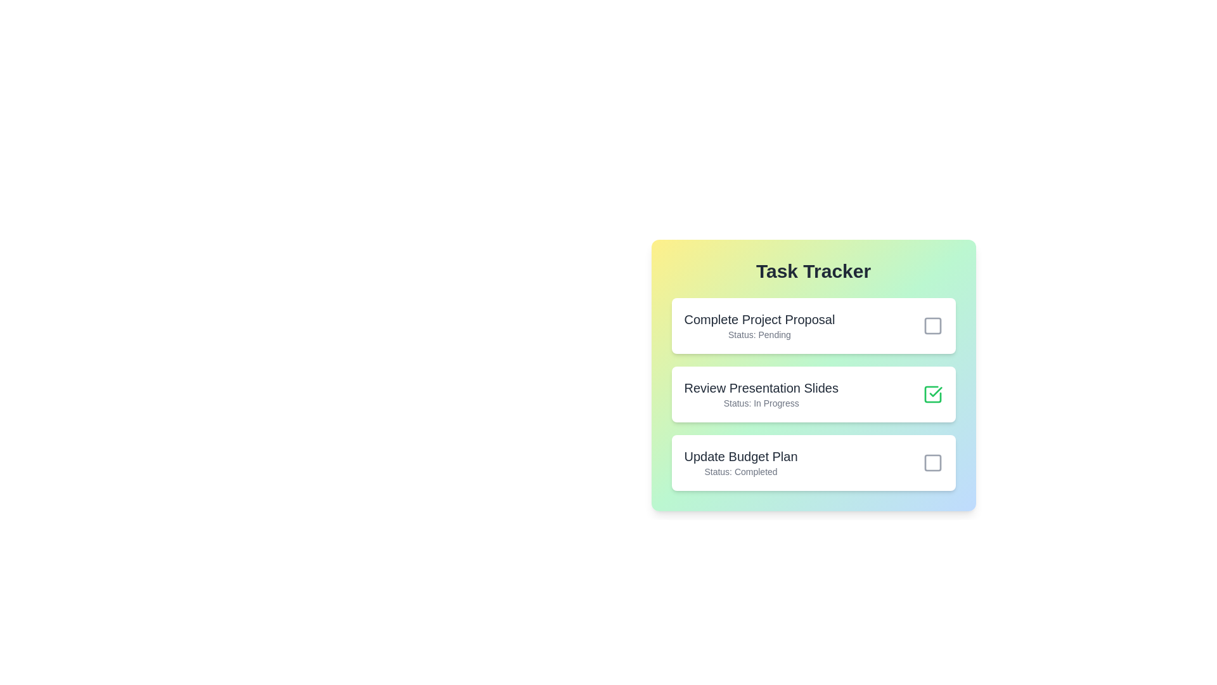 The image size is (1217, 685). Describe the element at coordinates (932, 325) in the screenshot. I see `the checkbox corresponding to the task 'Complete Project Proposal'` at that location.